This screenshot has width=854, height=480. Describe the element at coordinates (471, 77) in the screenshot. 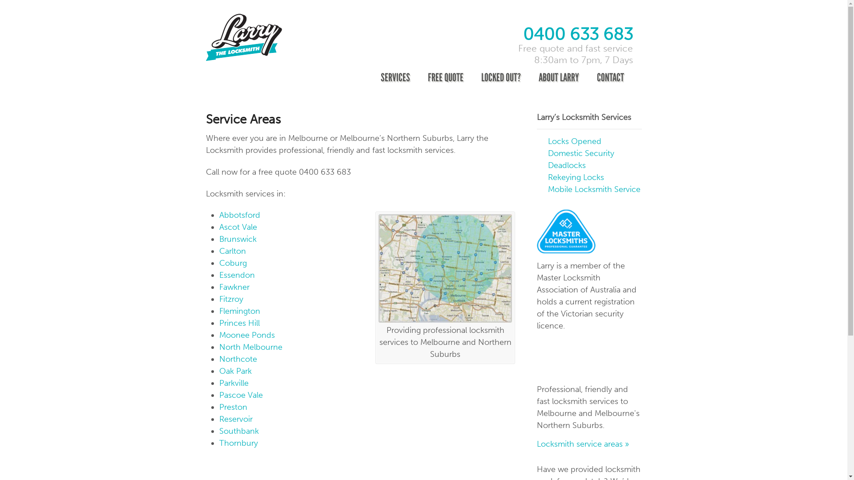

I see `'LOCKED OUT?'` at that location.